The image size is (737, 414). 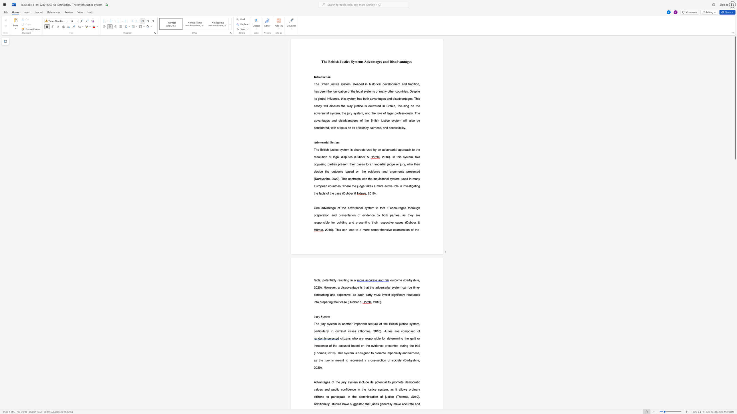 I want to click on the subset text "stem, the jury system, and the role of legal professionals. The advan" within the text "The British justice system, steeped in historical development and tradition, has been the foundation of the legal systems of many other countries. Despite its global influence, this system has both advantages and disadvantages. This essay will discuss the way justice is delivered in Britain, focusing on the adversarial system, the jury system, and the role of legal professionals. The advantages and disadvantages of the British justice system will also be considered, with a focus on its efficiency, fairness, and accessibility.", so click(x=333, y=113).